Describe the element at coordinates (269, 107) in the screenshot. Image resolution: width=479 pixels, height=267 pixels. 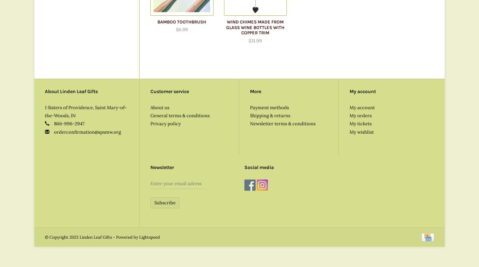
I see `'Payment methods'` at that location.